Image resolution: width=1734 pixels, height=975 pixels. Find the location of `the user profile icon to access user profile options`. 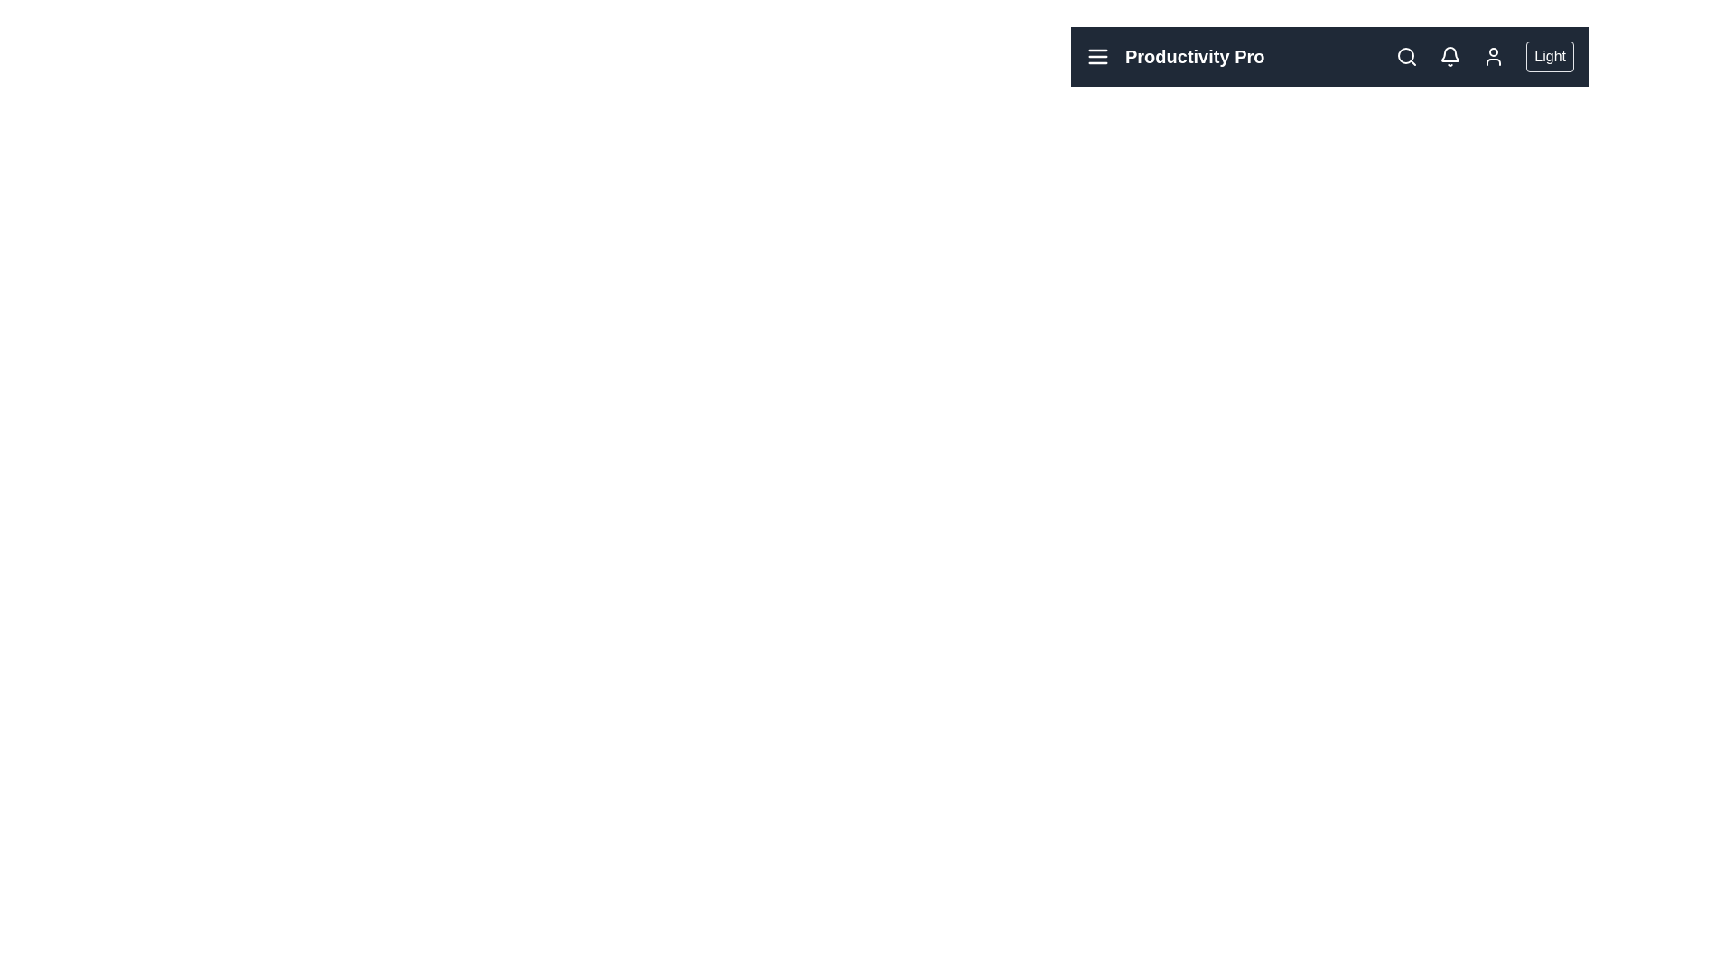

the user profile icon to access user profile options is located at coordinates (1494, 55).